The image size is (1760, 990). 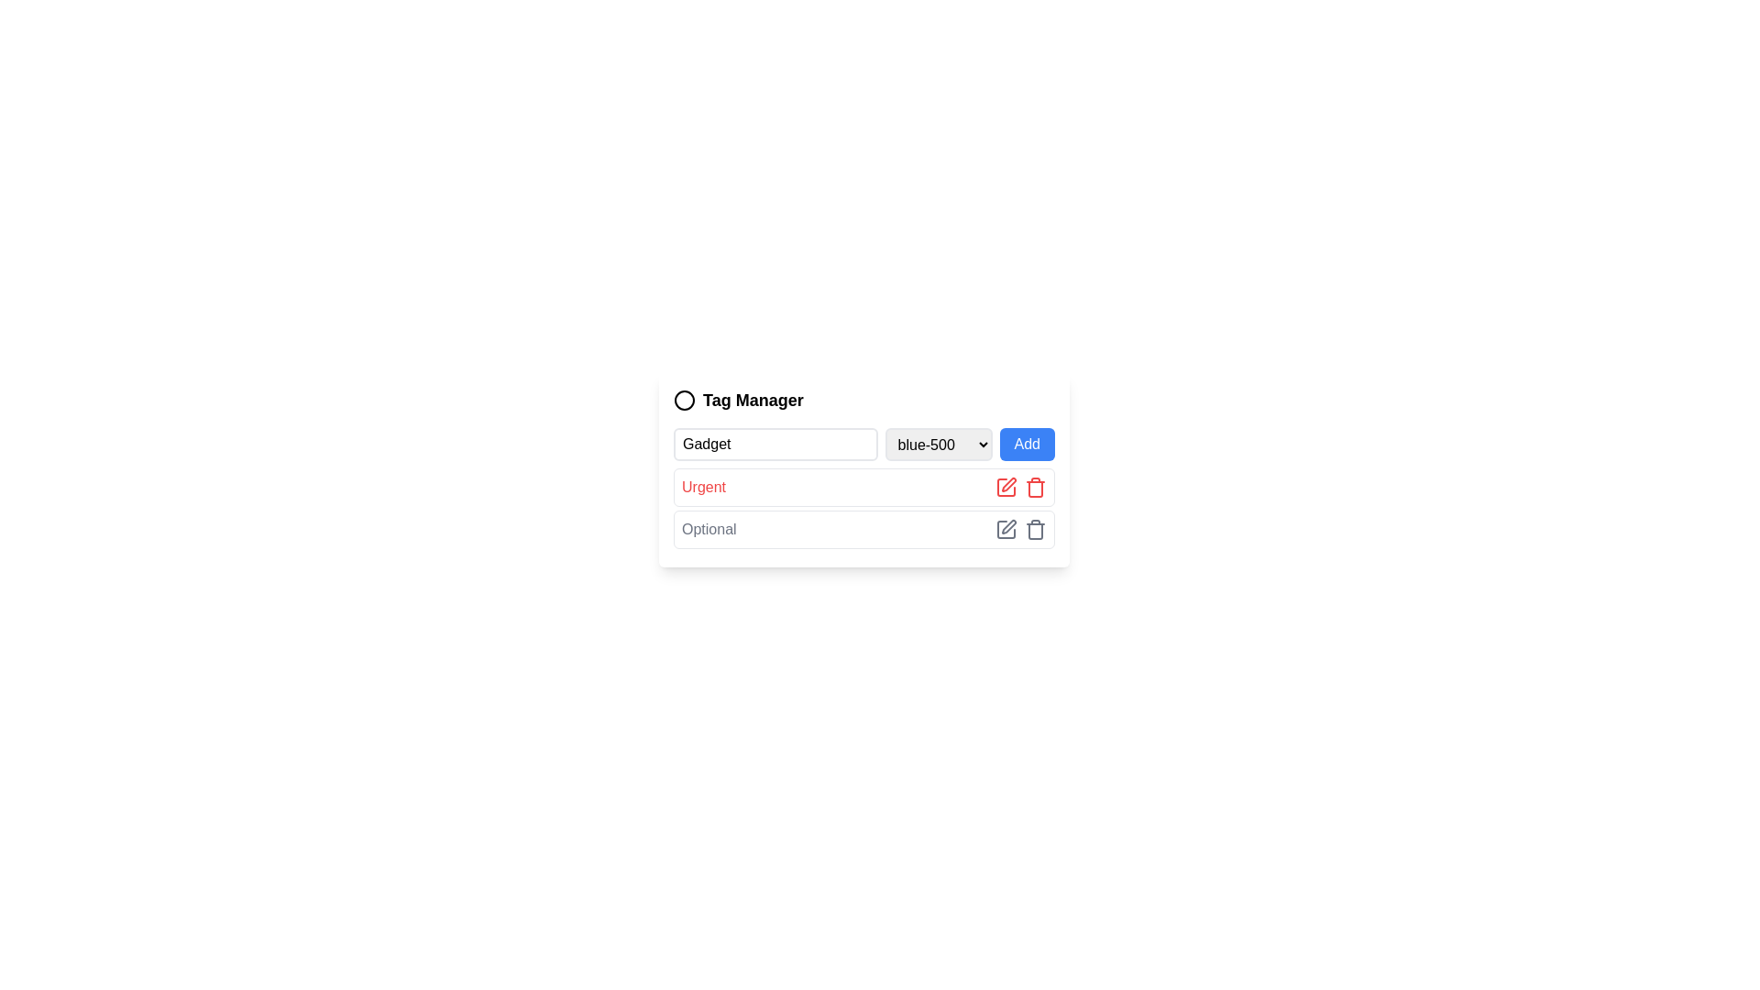 What do you see at coordinates (1019, 530) in the screenshot?
I see `the pen icon in the icon group` at bounding box center [1019, 530].